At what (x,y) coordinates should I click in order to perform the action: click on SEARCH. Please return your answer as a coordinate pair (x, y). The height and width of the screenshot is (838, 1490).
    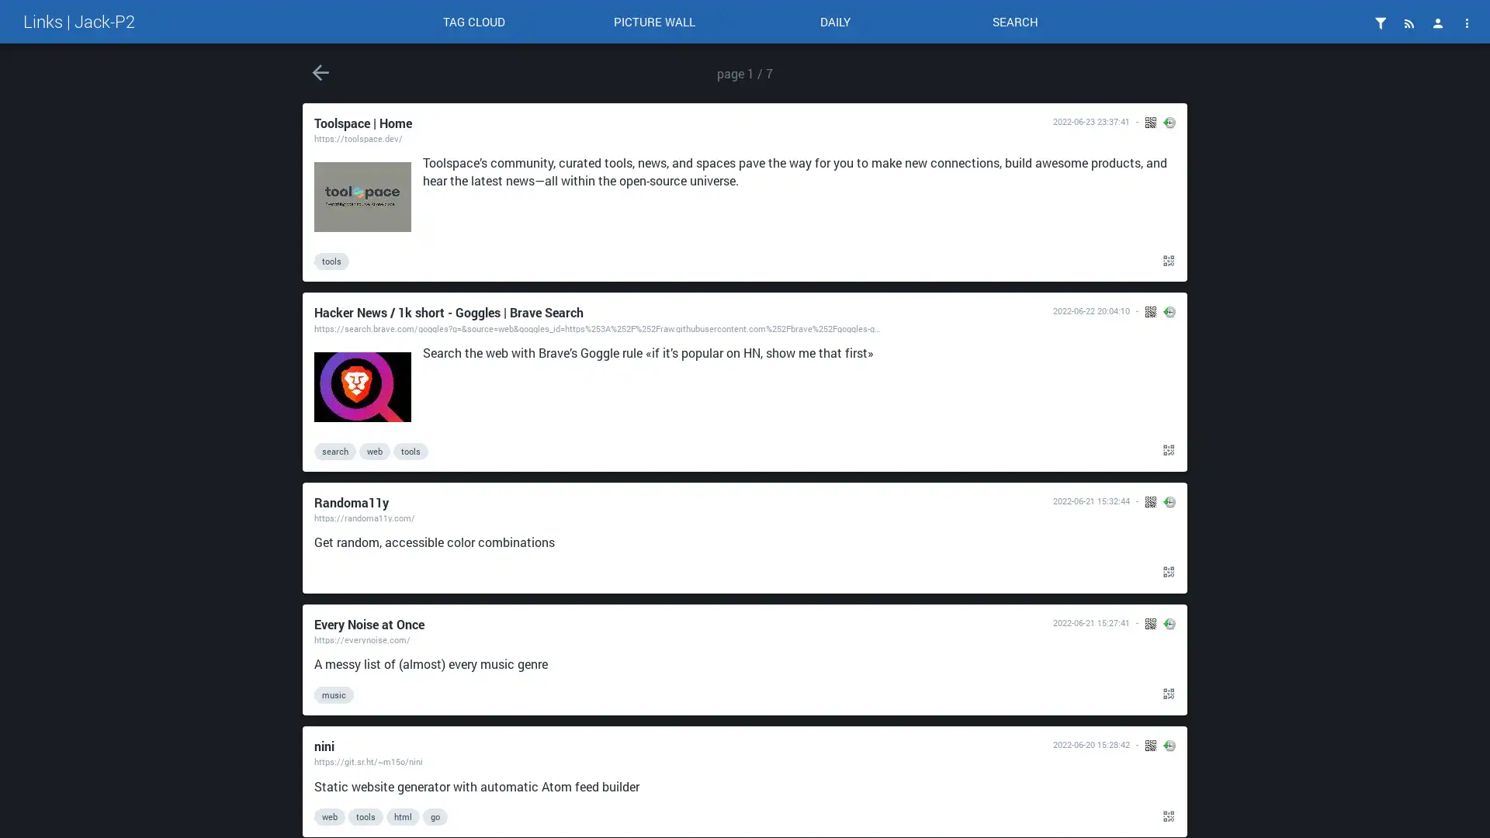
    Looking at the image, I should click on (1015, 21).